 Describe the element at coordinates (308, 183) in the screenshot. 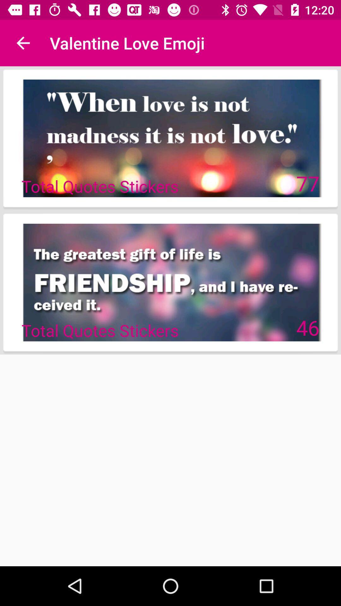

I see `item next to total quotes stickers item` at that location.